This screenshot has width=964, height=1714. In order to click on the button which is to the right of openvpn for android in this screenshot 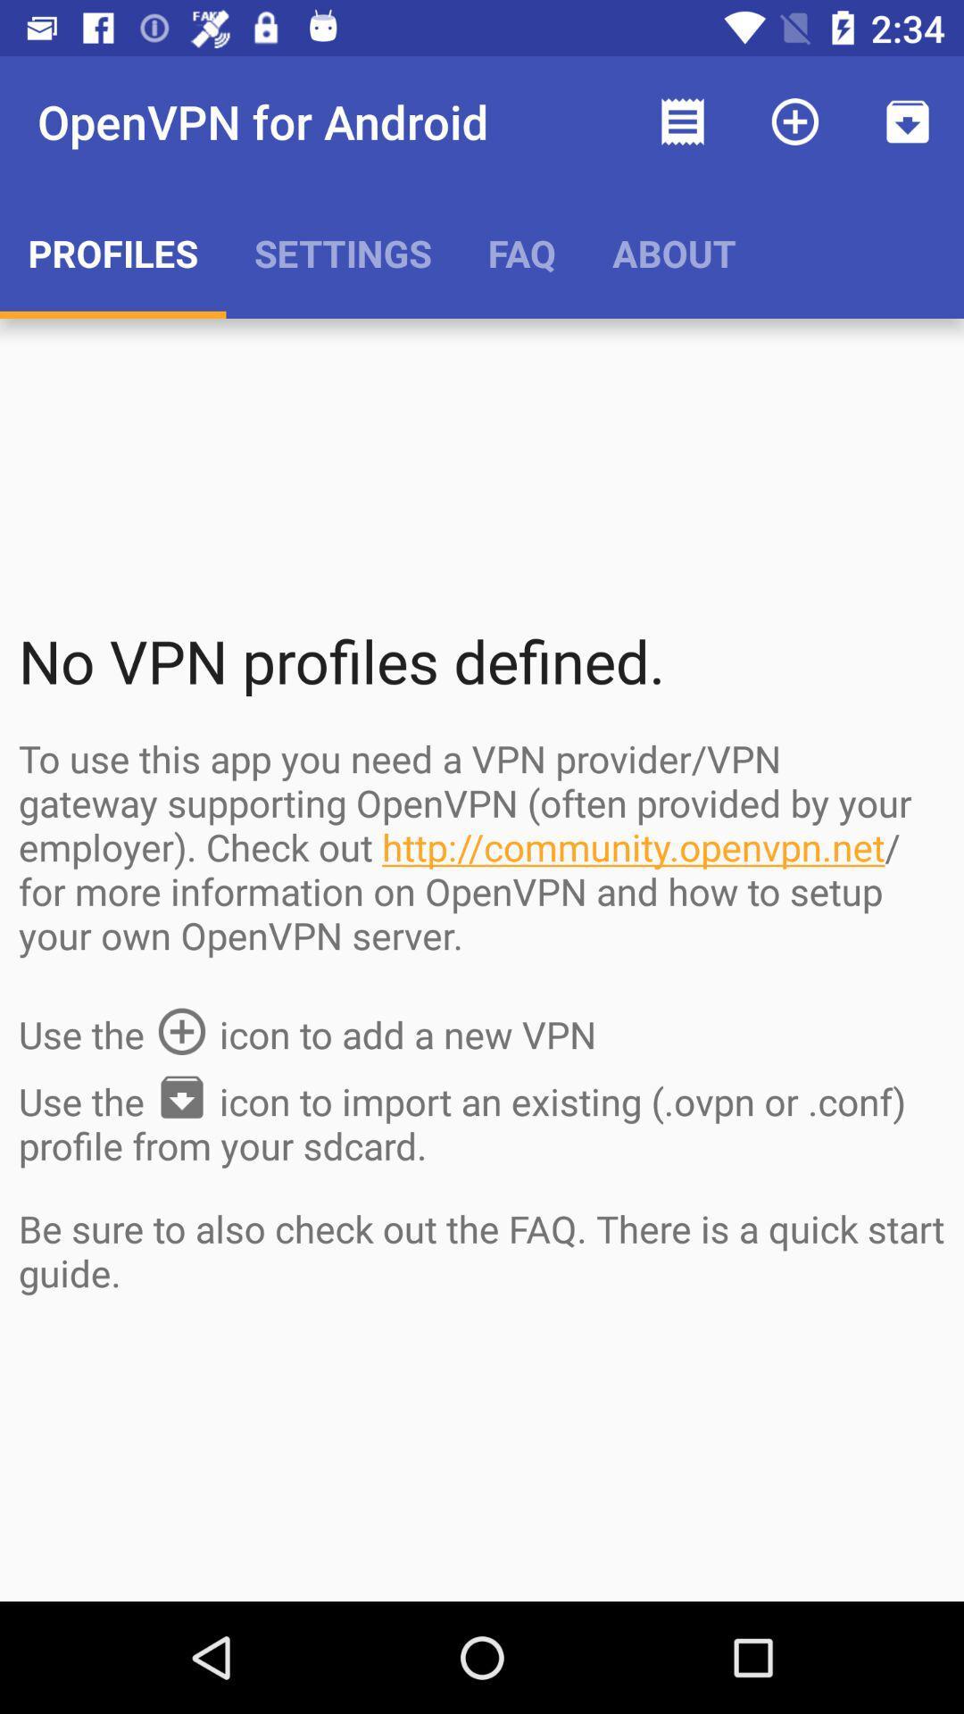, I will do `click(682, 121)`.